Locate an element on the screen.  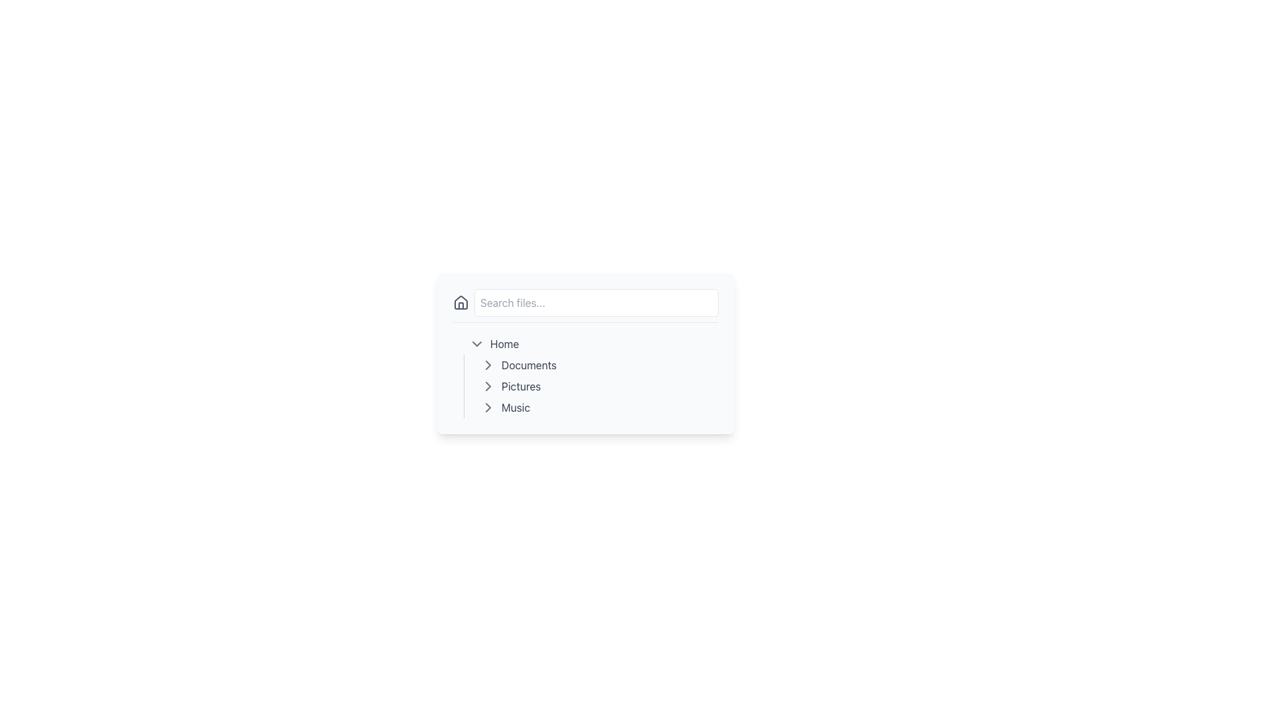
the third chevron icon adjacent to the 'Pictures' label in the menu is located at coordinates (487, 386).